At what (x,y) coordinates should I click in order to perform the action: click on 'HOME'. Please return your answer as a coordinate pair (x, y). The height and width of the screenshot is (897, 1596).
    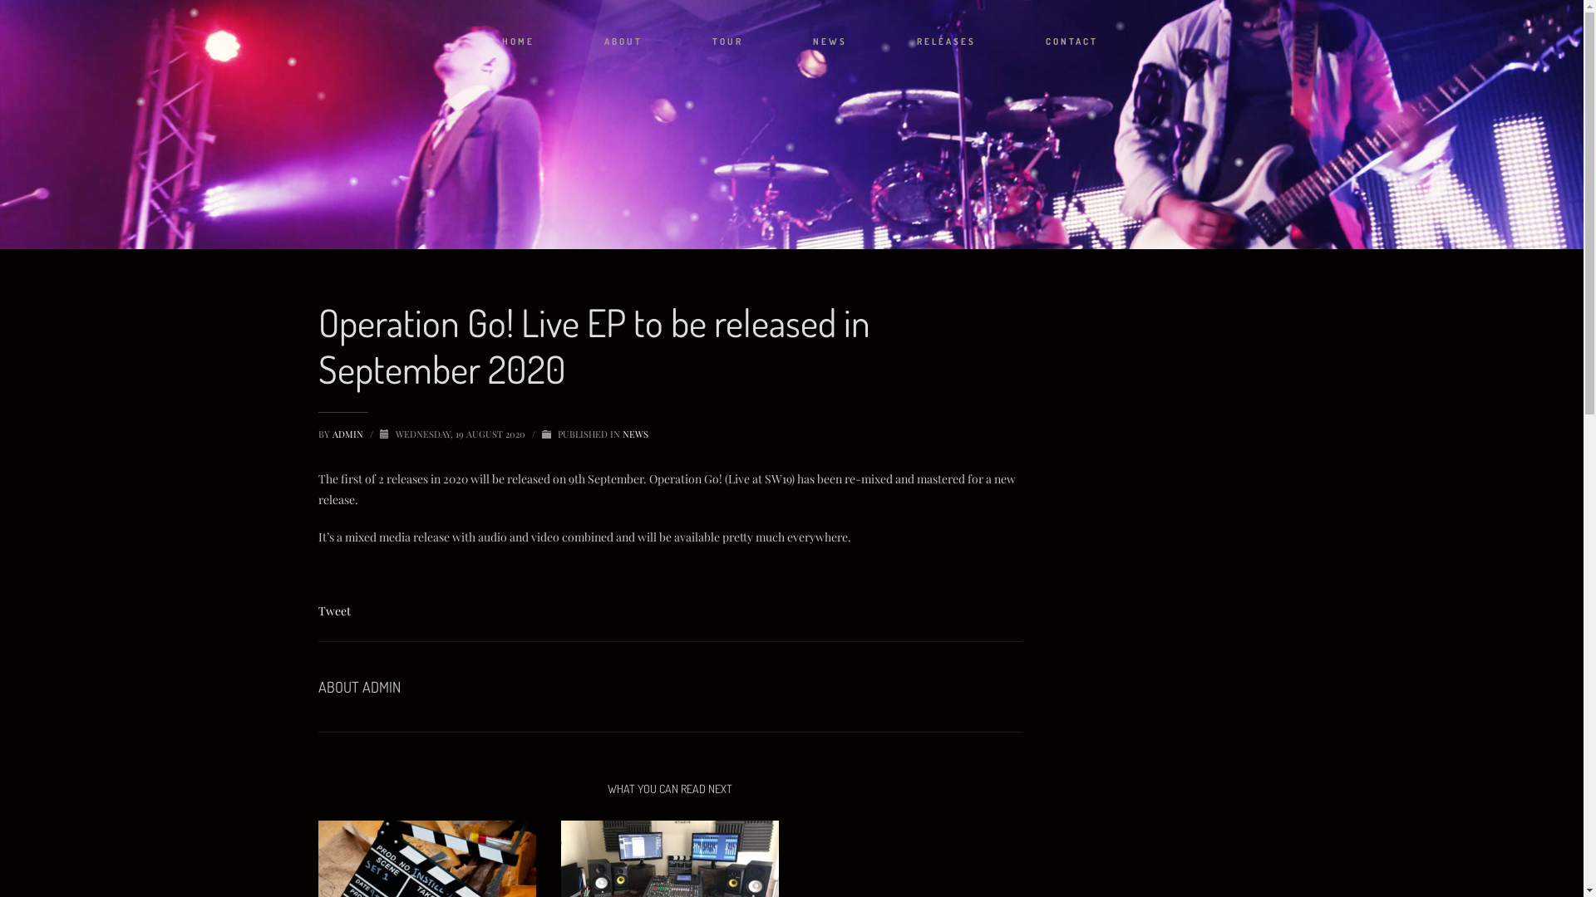
    Looking at the image, I should click on (517, 41).